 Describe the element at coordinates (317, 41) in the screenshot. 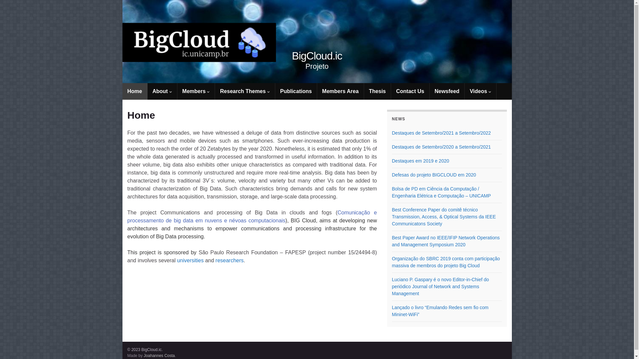

I see `'BigCloud.ic'` at that location.